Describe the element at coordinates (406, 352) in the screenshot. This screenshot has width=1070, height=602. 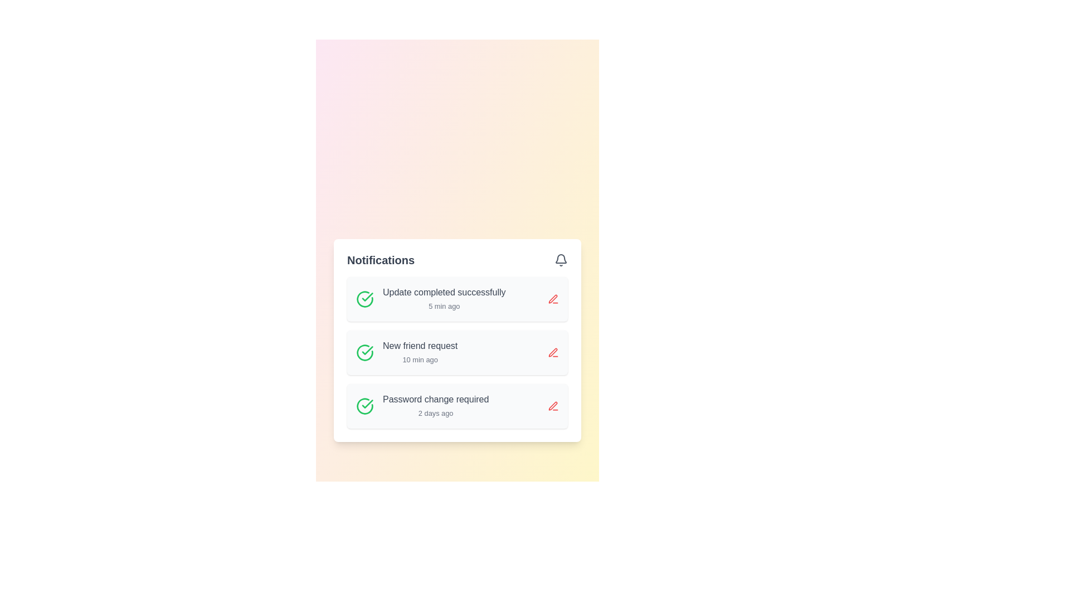
I see `the Notification Entry element that displays 'New friend request' with a timestamp of '10 min ago', which is the second entry in a list of notifications` at that location.